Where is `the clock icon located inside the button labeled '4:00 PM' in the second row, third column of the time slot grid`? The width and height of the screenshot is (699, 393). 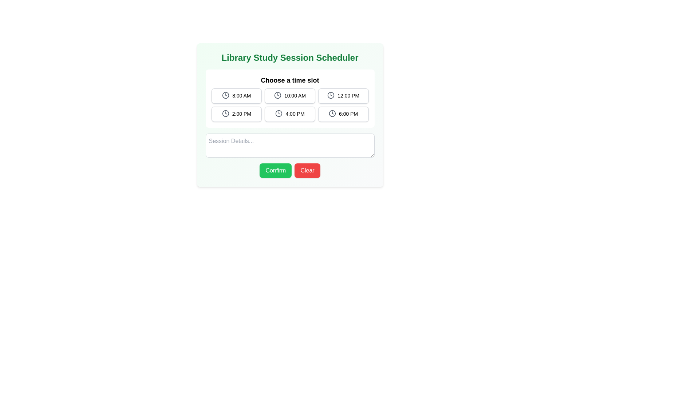
the clock icon located inside the button labeled '4:00 PM' in the second row, third column of the time slot grid is located at coordinates (279, 114).